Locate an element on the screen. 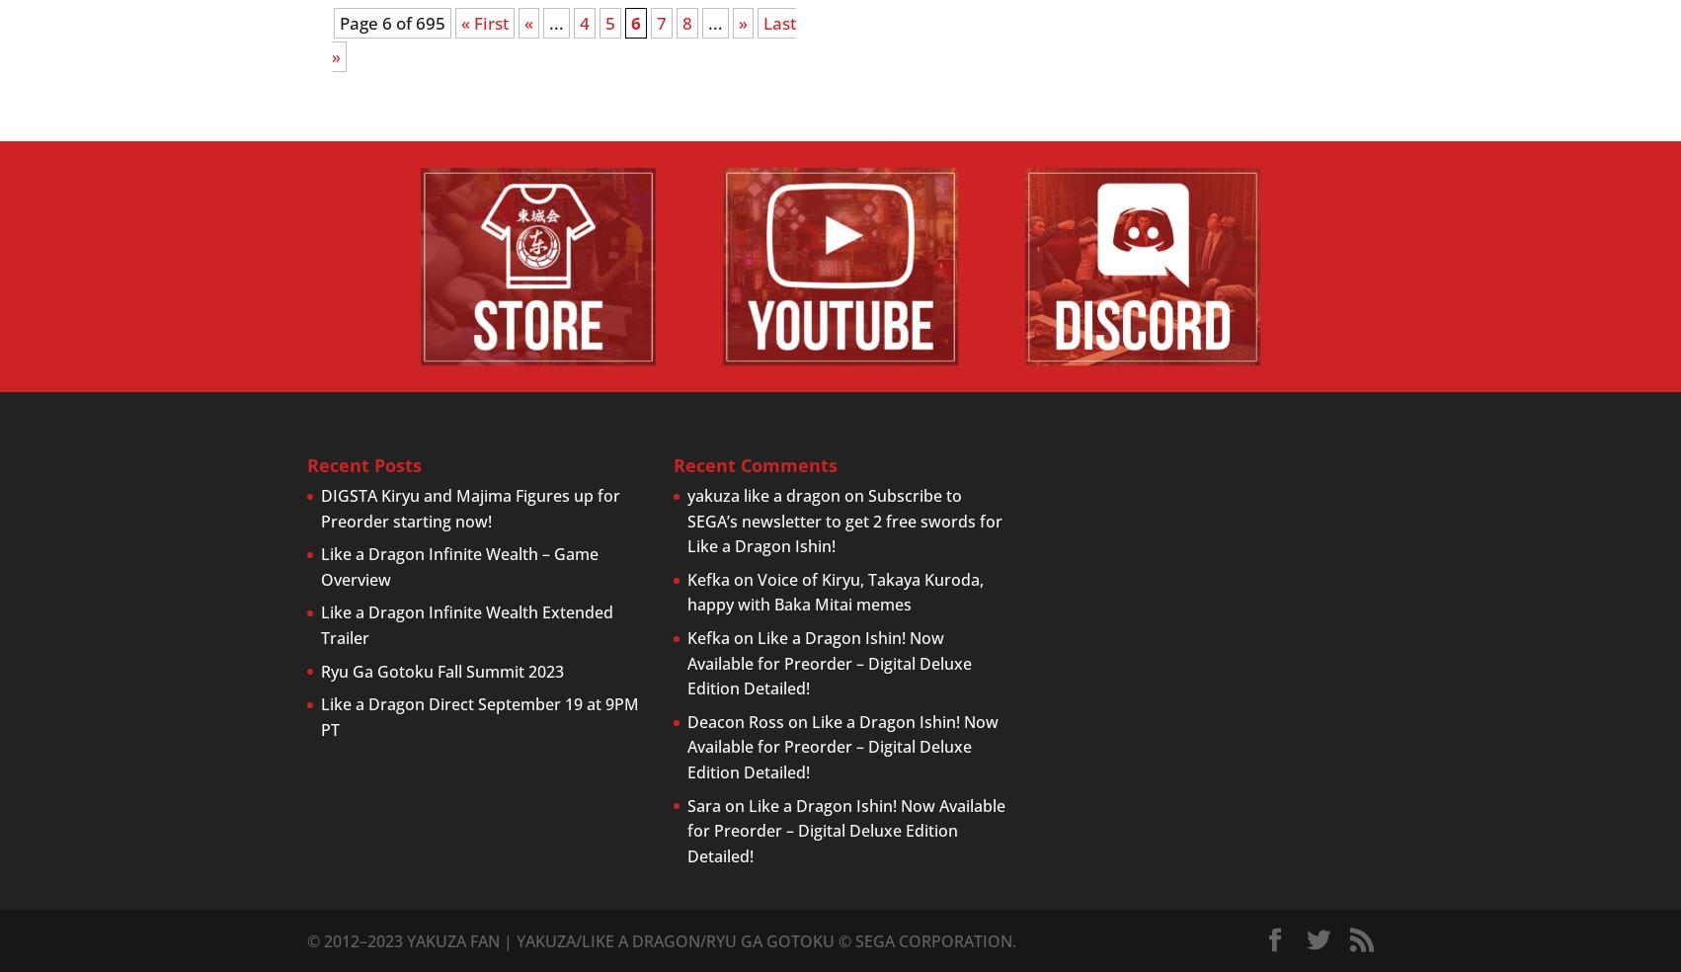 The image size is (1681, 972). '8' is located at coordinates (686, 22).